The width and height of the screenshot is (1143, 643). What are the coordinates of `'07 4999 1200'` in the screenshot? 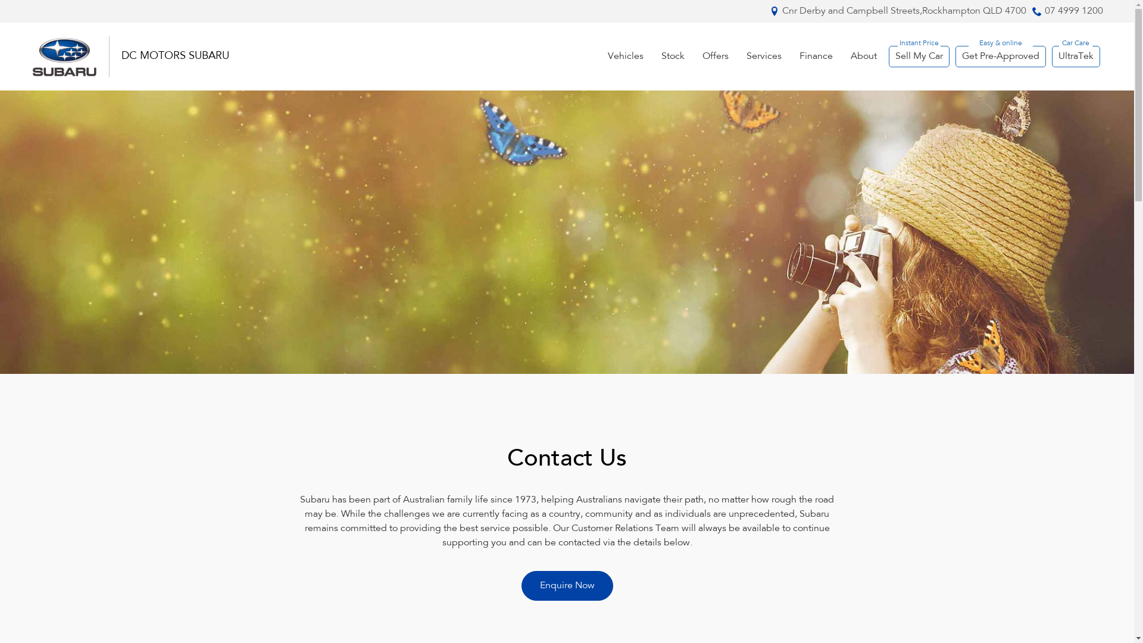 It's located at (1073, 11).